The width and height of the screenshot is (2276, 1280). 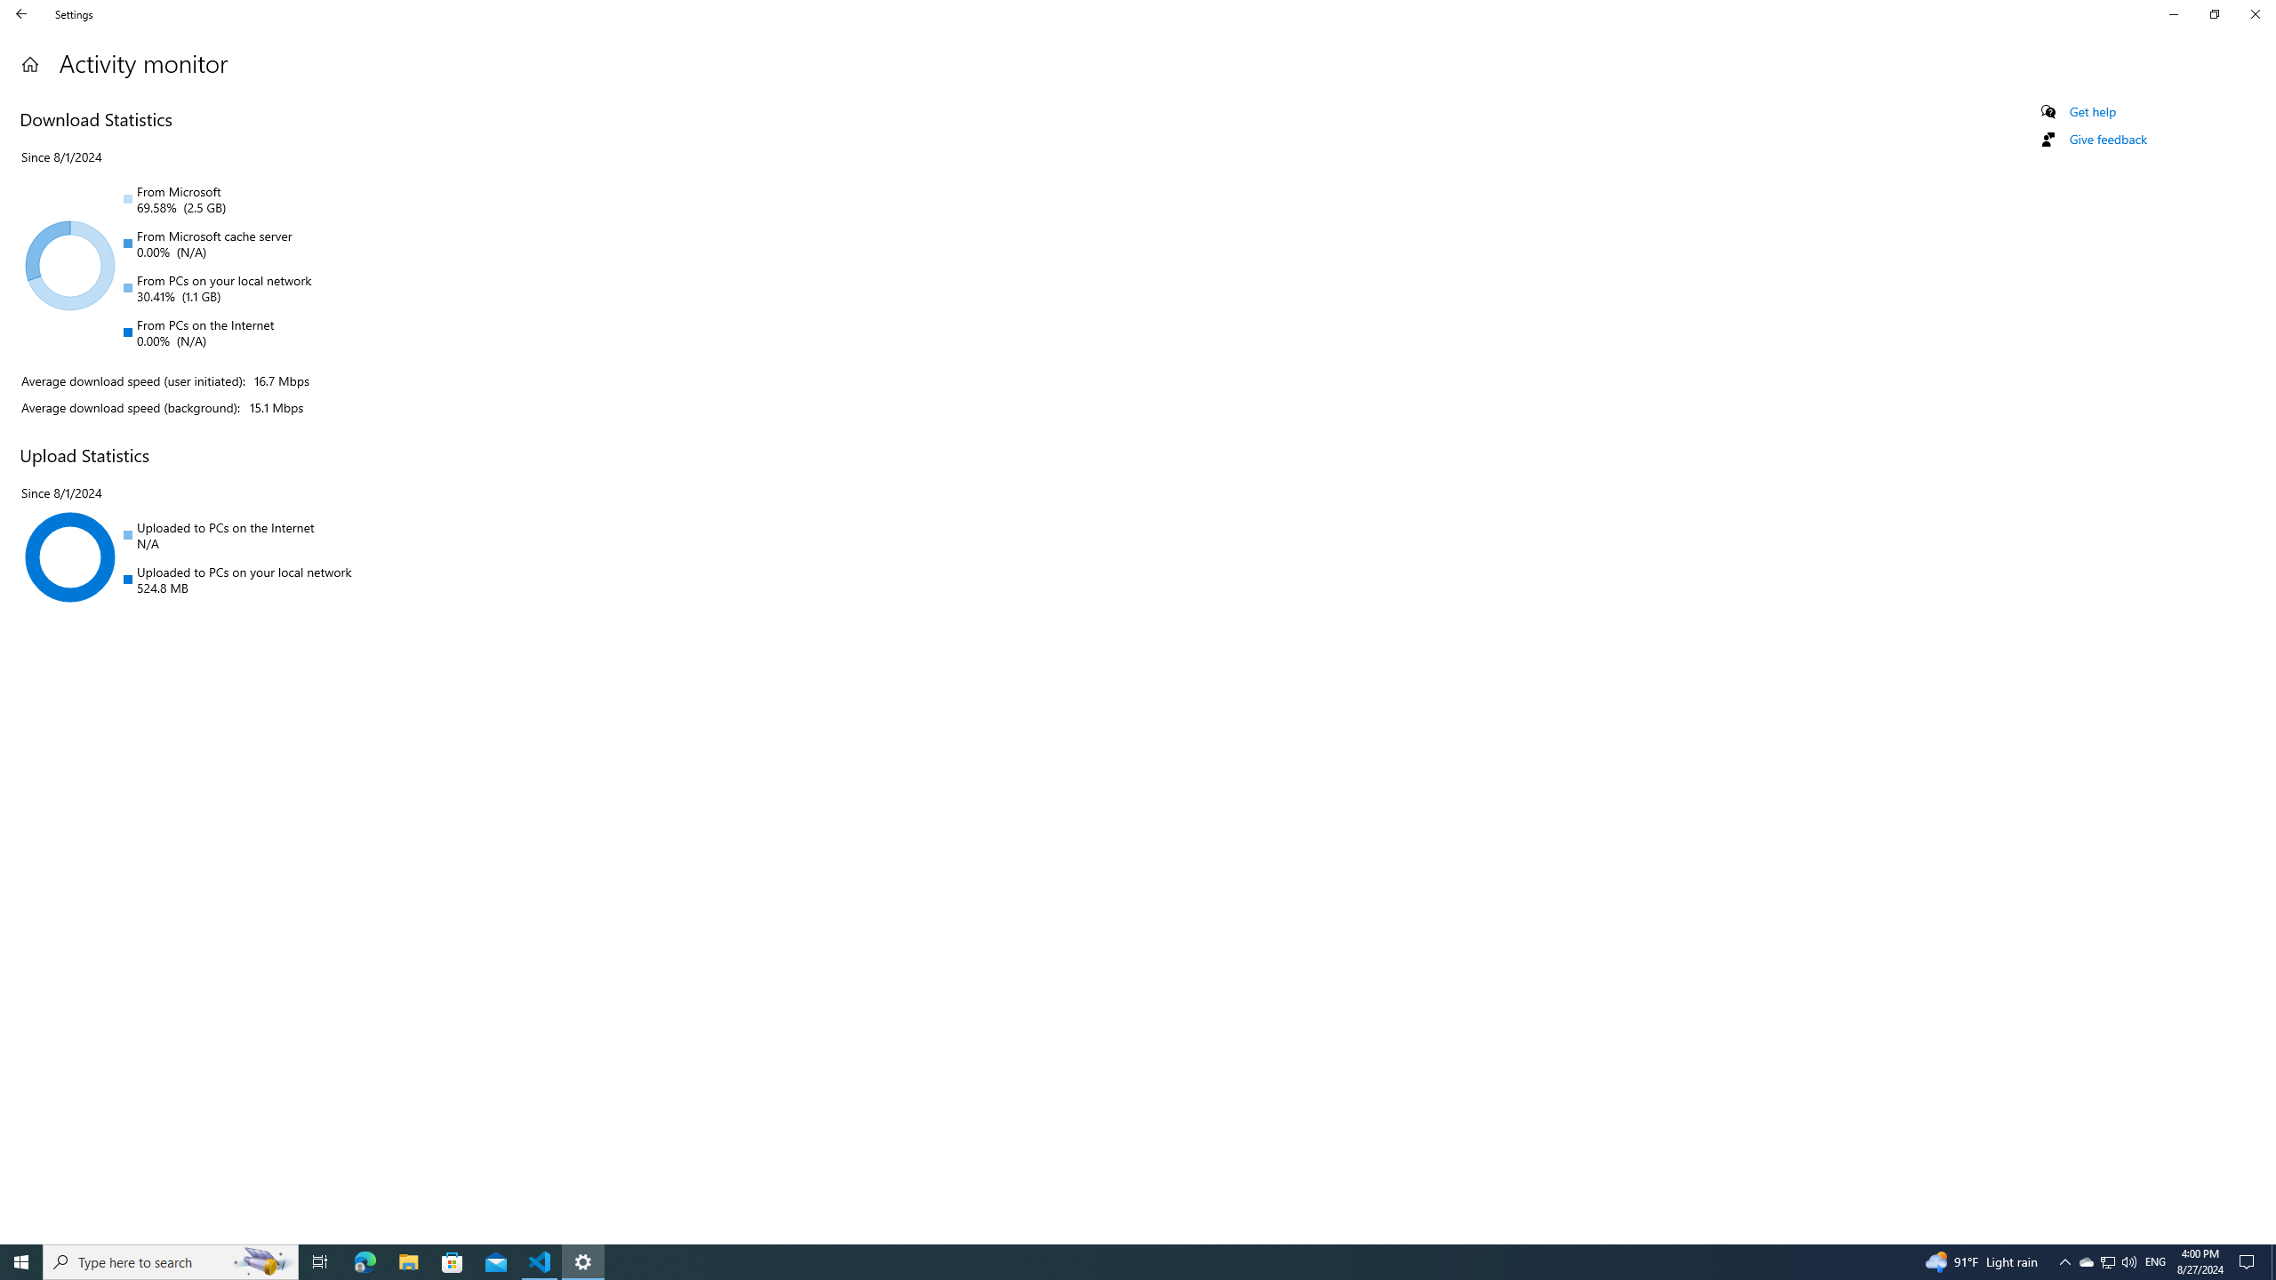 I want to click on 'Back', so click(x=21, y=13).